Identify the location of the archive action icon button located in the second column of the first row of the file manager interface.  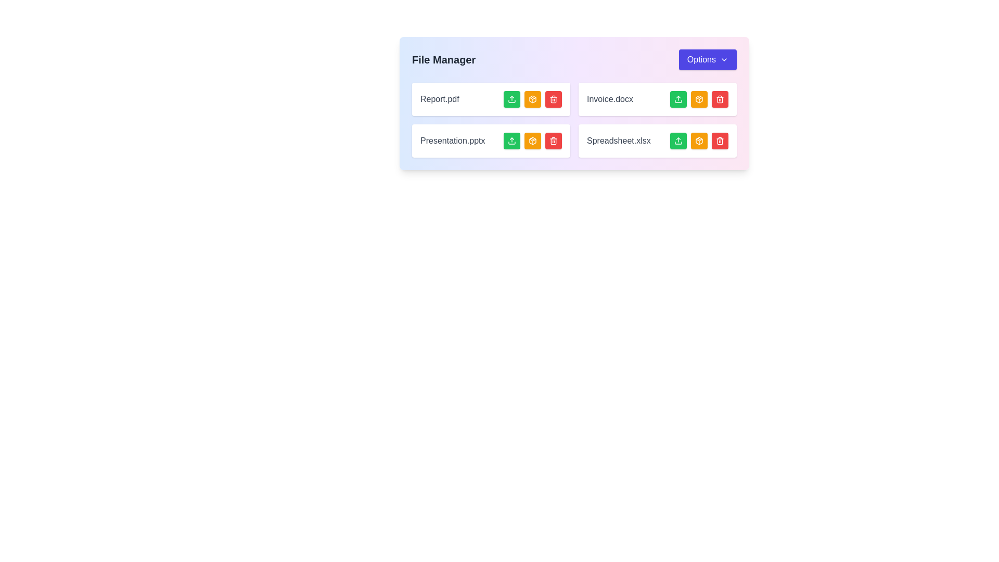
(532, 99).